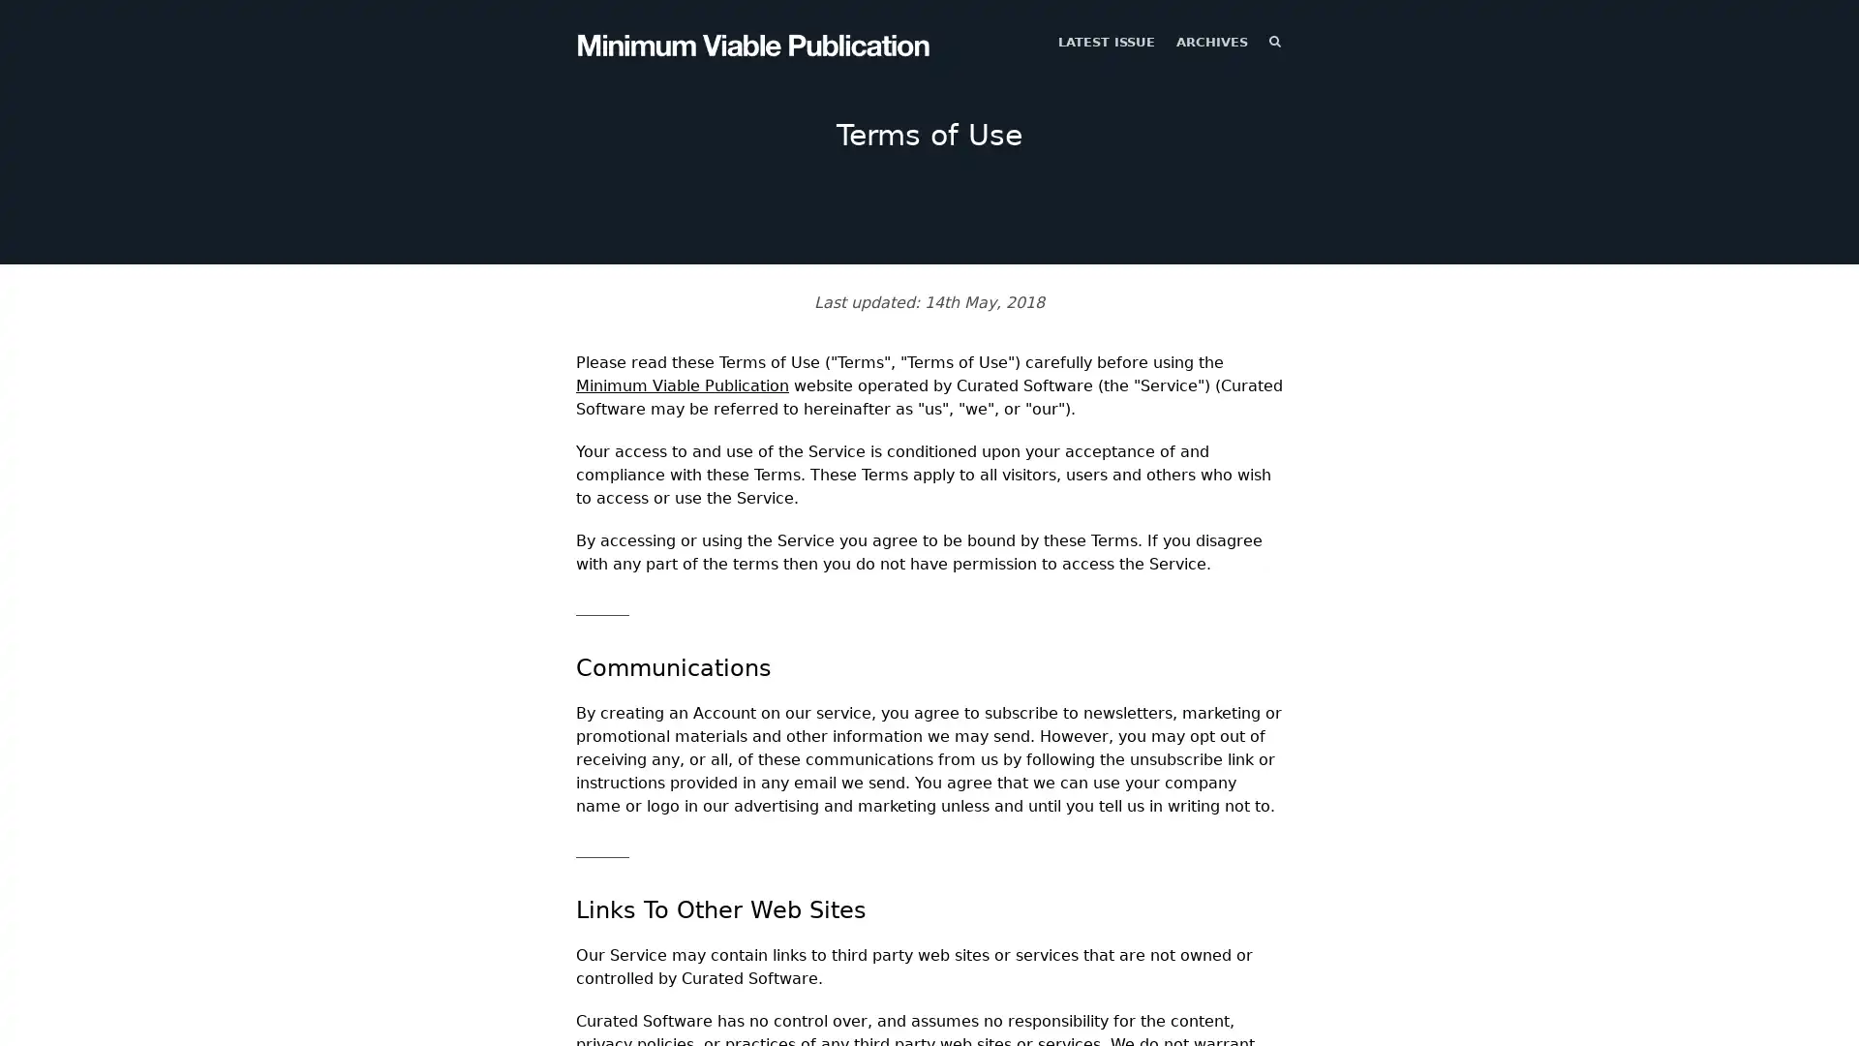 Image resolution: width=1859 pixels, height=1046 pixels. Describe the element at coordinates (1234, 41) in the screenshot. I see `SEARCH` at that location.